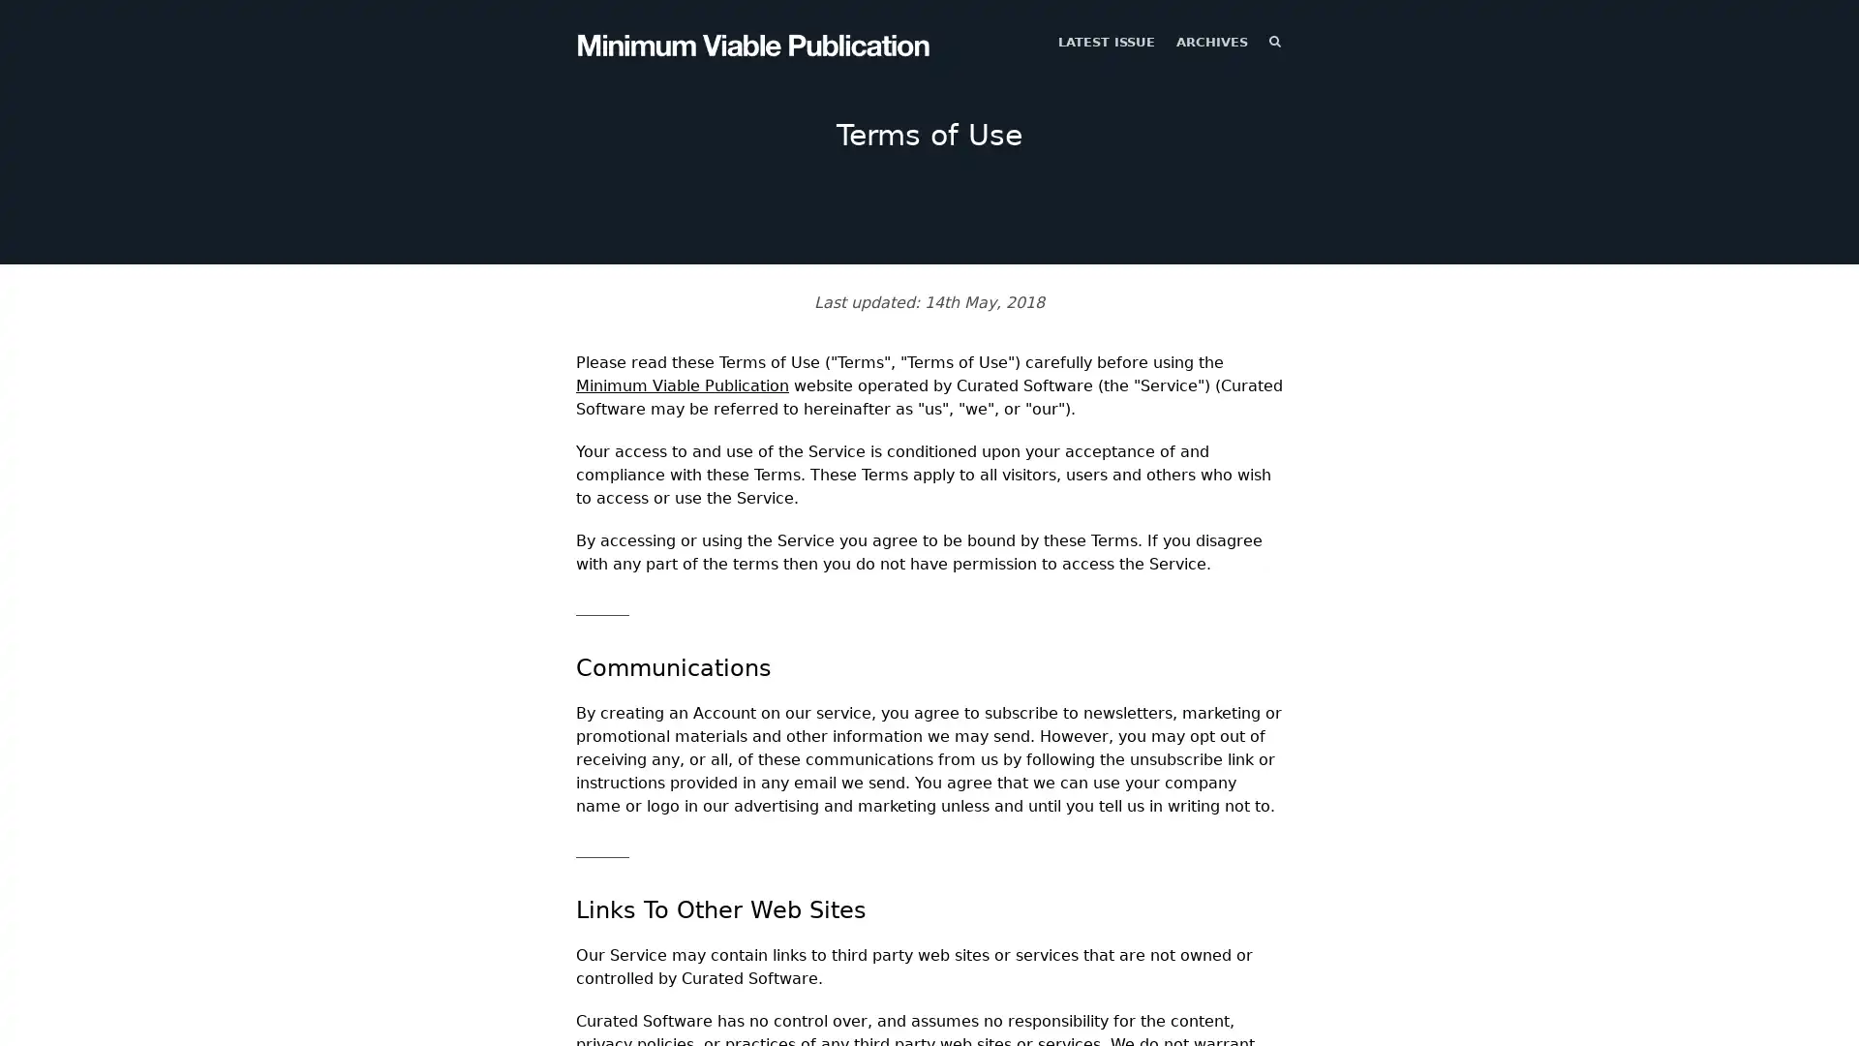 Image resolution: width=1859 pixels, height=1046 pixels. Describe the element at coordinates (1234, 41) in the screenshot. I see `SEARCH` at that location.